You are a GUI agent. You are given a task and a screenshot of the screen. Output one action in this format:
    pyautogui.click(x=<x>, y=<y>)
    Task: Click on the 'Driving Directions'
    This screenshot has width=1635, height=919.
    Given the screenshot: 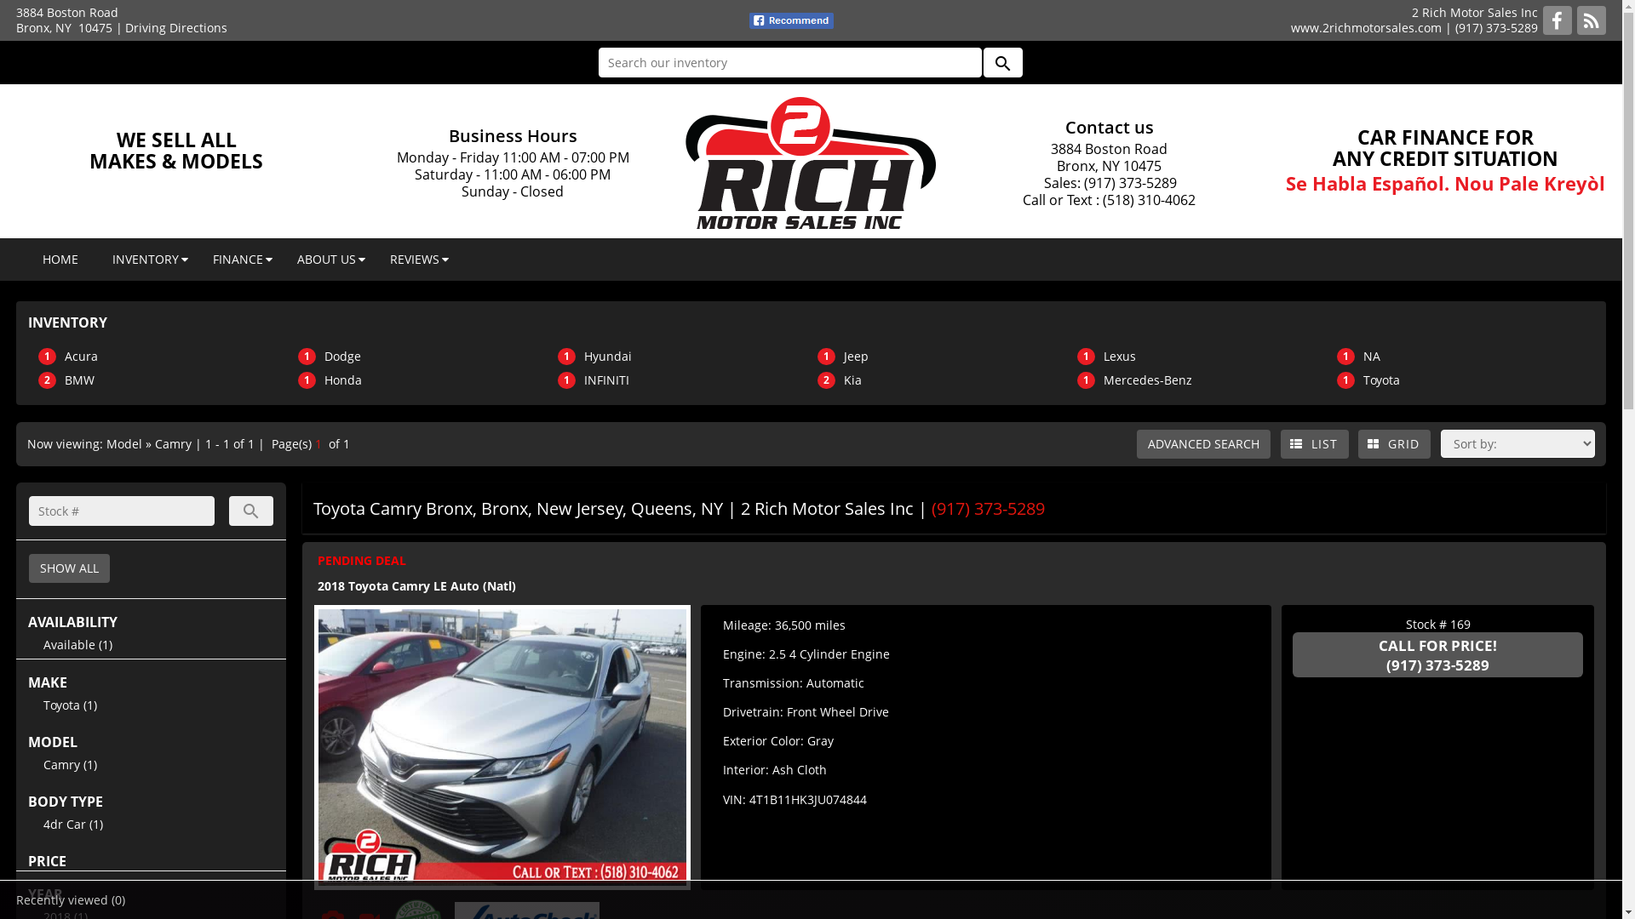 What is the action you would take?
    pyautogui.click(x=124, y=27)
    